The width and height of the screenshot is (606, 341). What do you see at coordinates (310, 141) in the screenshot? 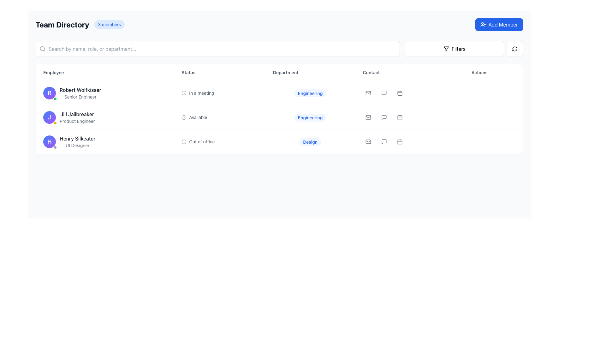
I see `text of the 'Design' label located in the 'Department' column of the third row corresponding to 'Henry Silkeater'` at bounding box center [310, 141].